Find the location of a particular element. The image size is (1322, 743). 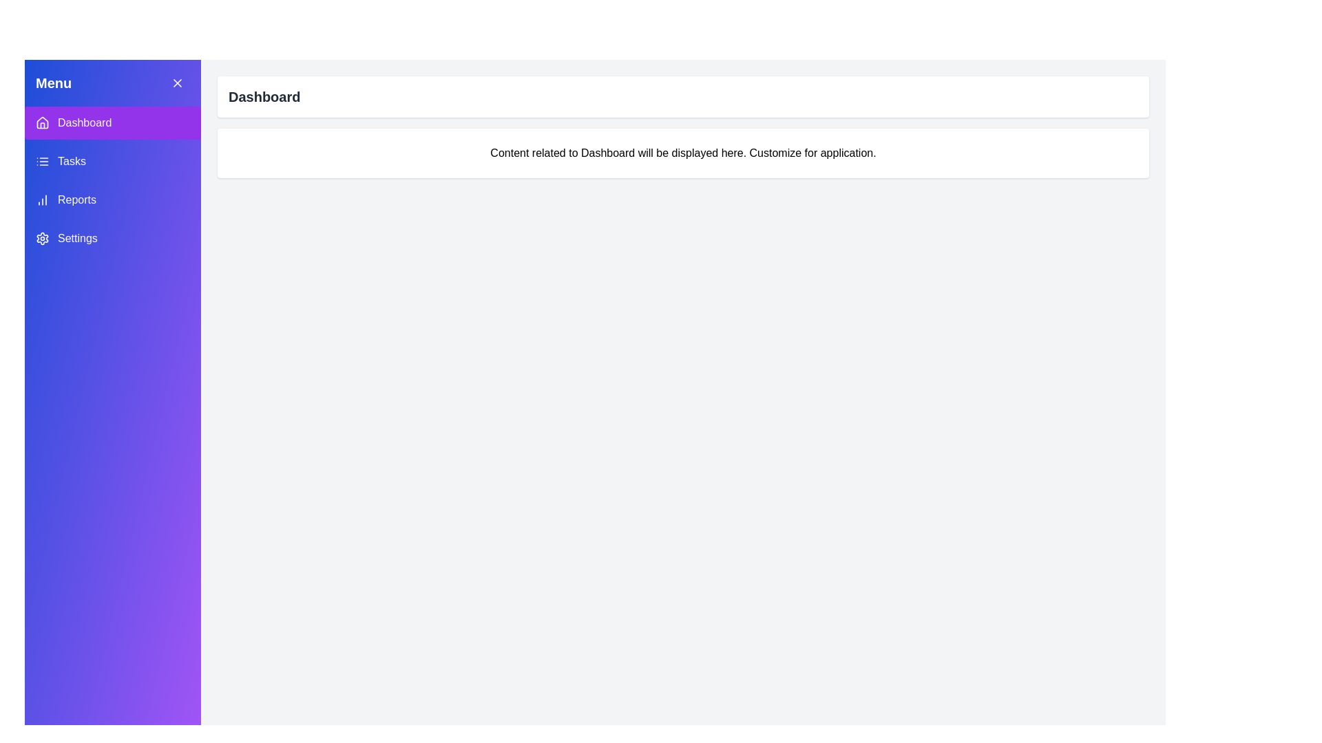

the Reports item in the menu to select it is located at coordinates (112, 200).